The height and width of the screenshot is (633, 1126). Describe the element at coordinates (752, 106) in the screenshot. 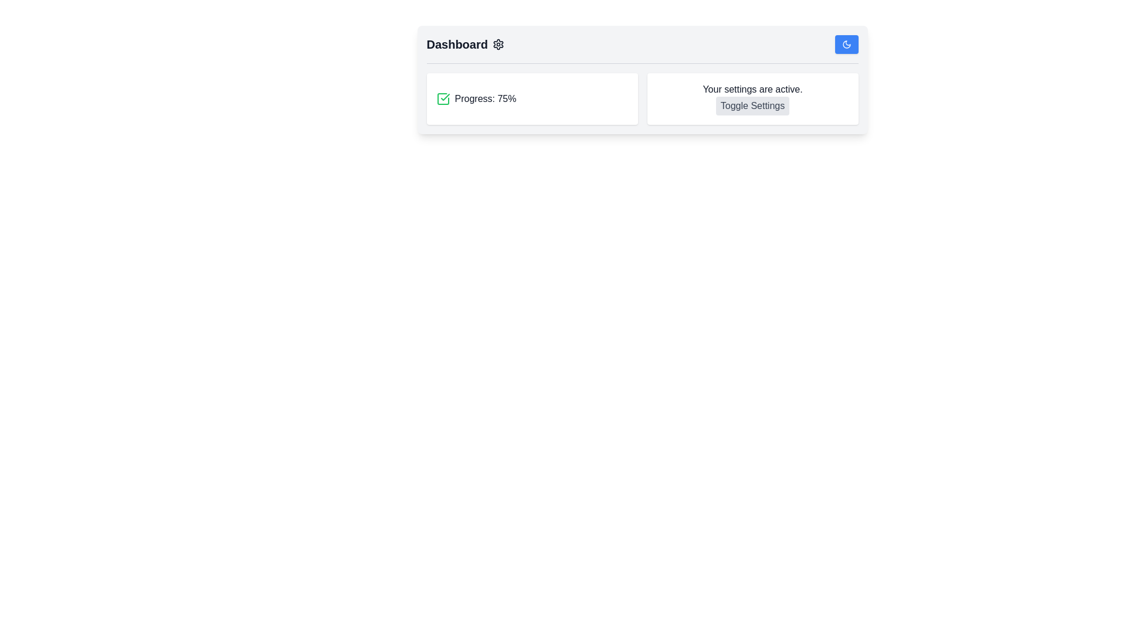

I see `the 'Toggle Settings' button located at the bottom-right of the UI panel` at that location.